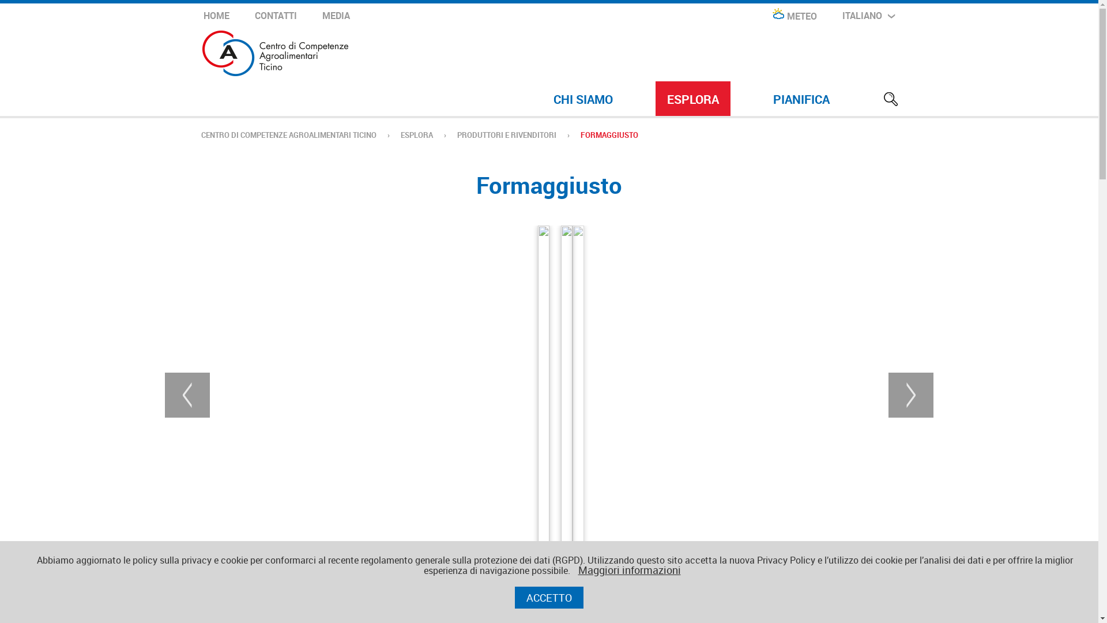 The height and width of the screenshot is (623, 1107). Describe the element at coordinates (288, 134) in the screenshot. I see `'CENTRO DI COMPETENZE AGROALIMENTARI TICINO'` at that location.